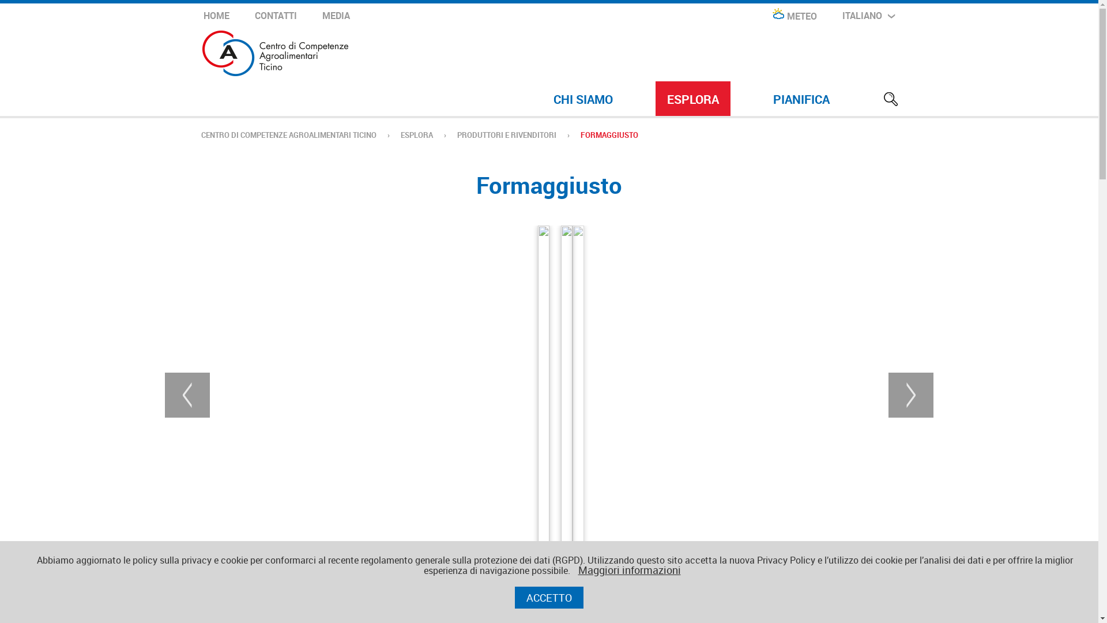 The height and width of the screenshot is (623, 1107). Describe the element at coordinates (288, 134) in the screenshot. I see `'CENTRO DI COMPETENZE AGROALIMENTARI TICINO'` at that location.